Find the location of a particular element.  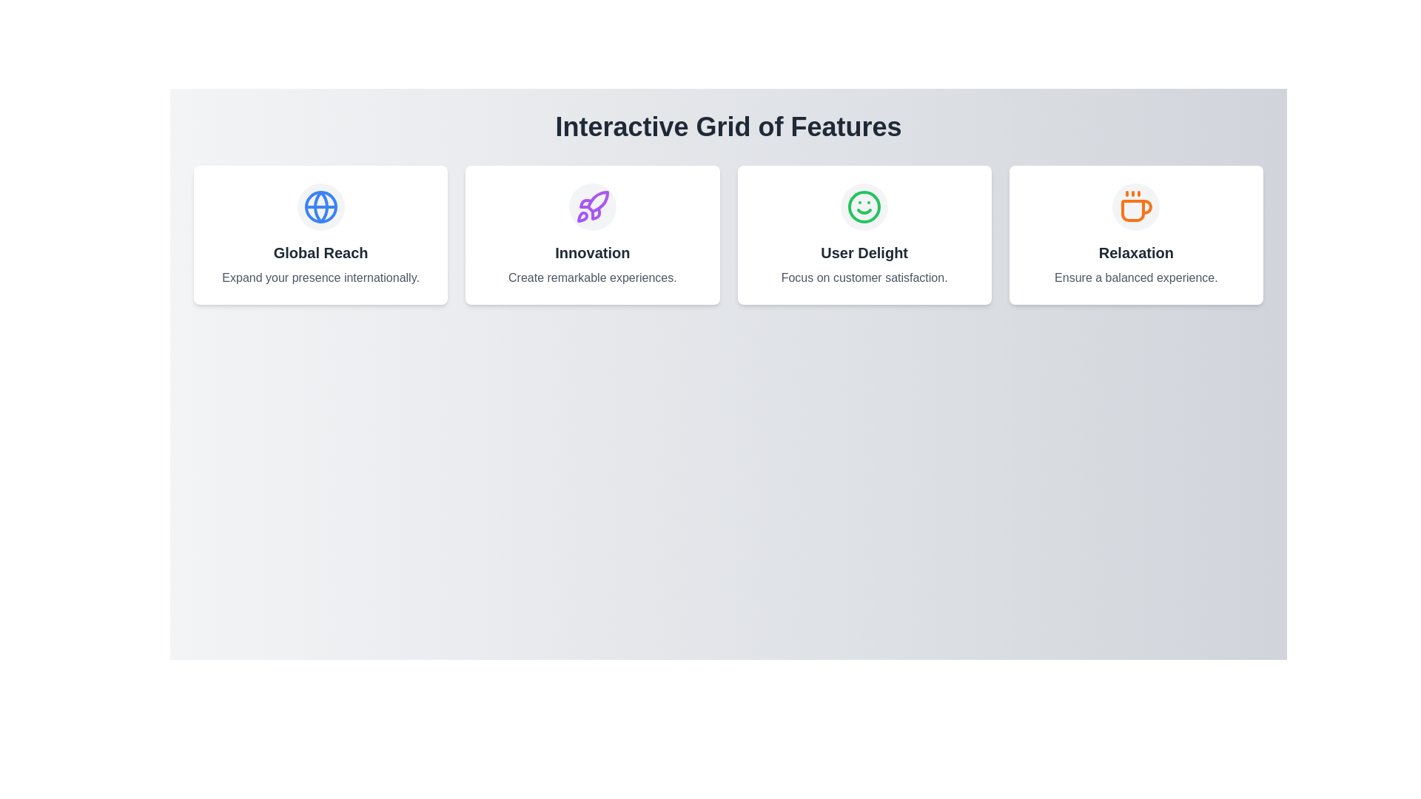

the visual icon representing global reach, which is centrally placed within the first card under the title 'Interactive Grid of Features' is located at coordinates (320, 207).